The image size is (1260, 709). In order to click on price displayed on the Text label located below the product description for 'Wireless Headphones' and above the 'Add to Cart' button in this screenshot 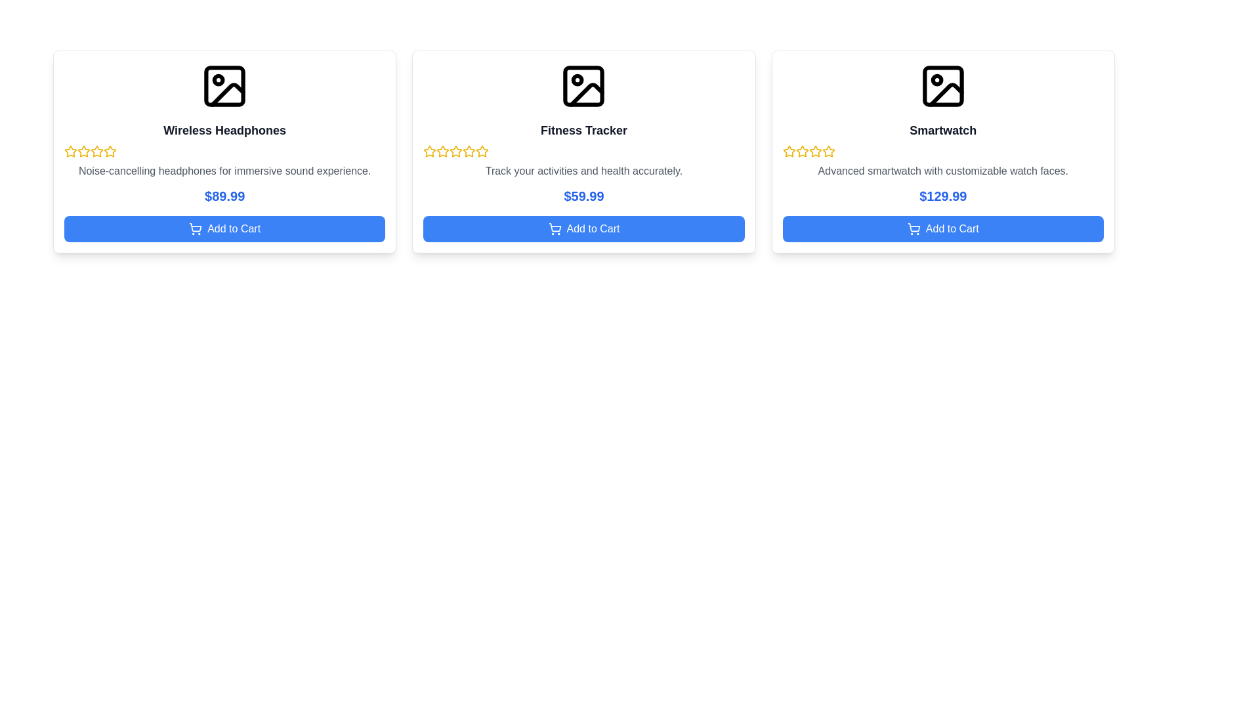, I will do `click(224, 196)`.